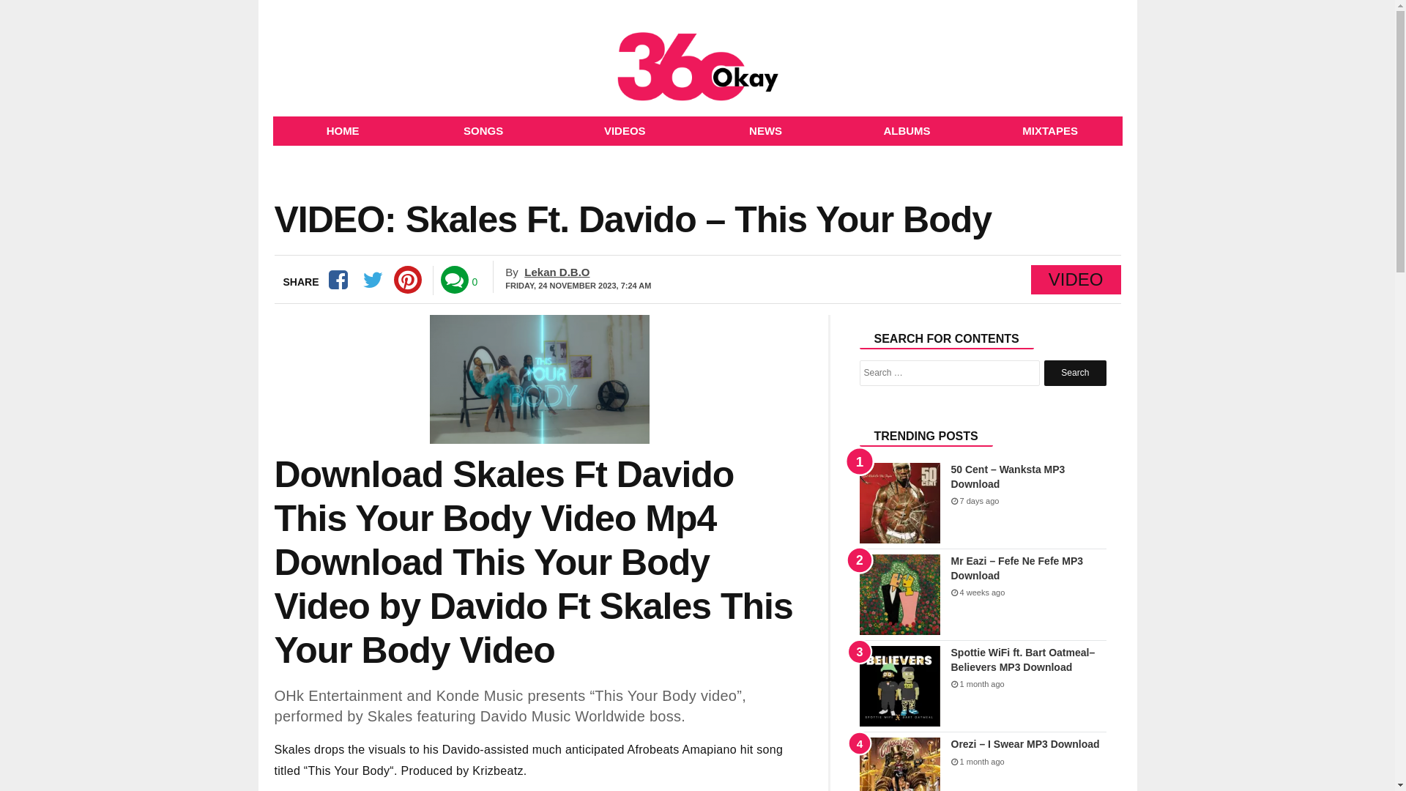 This screenshot has height=791, width=1406. Describe the element at coordinates (524, 272) in the screenshot. I see `'Lekan D.B.O'` at that location.